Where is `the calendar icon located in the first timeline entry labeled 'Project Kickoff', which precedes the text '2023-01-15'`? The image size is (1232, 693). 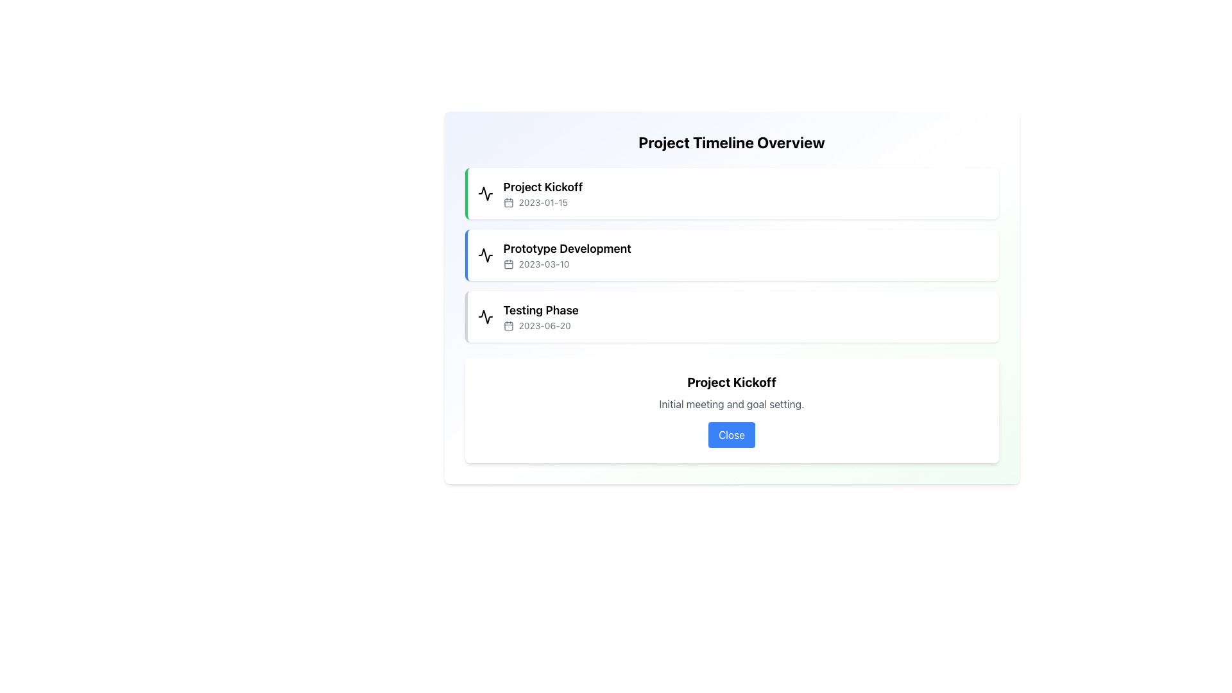
the calendar icon located in the first timeline entry labeled 'Project Kickoff', which precedes the text '2023-01-15' is located at coordinates (508, 202).